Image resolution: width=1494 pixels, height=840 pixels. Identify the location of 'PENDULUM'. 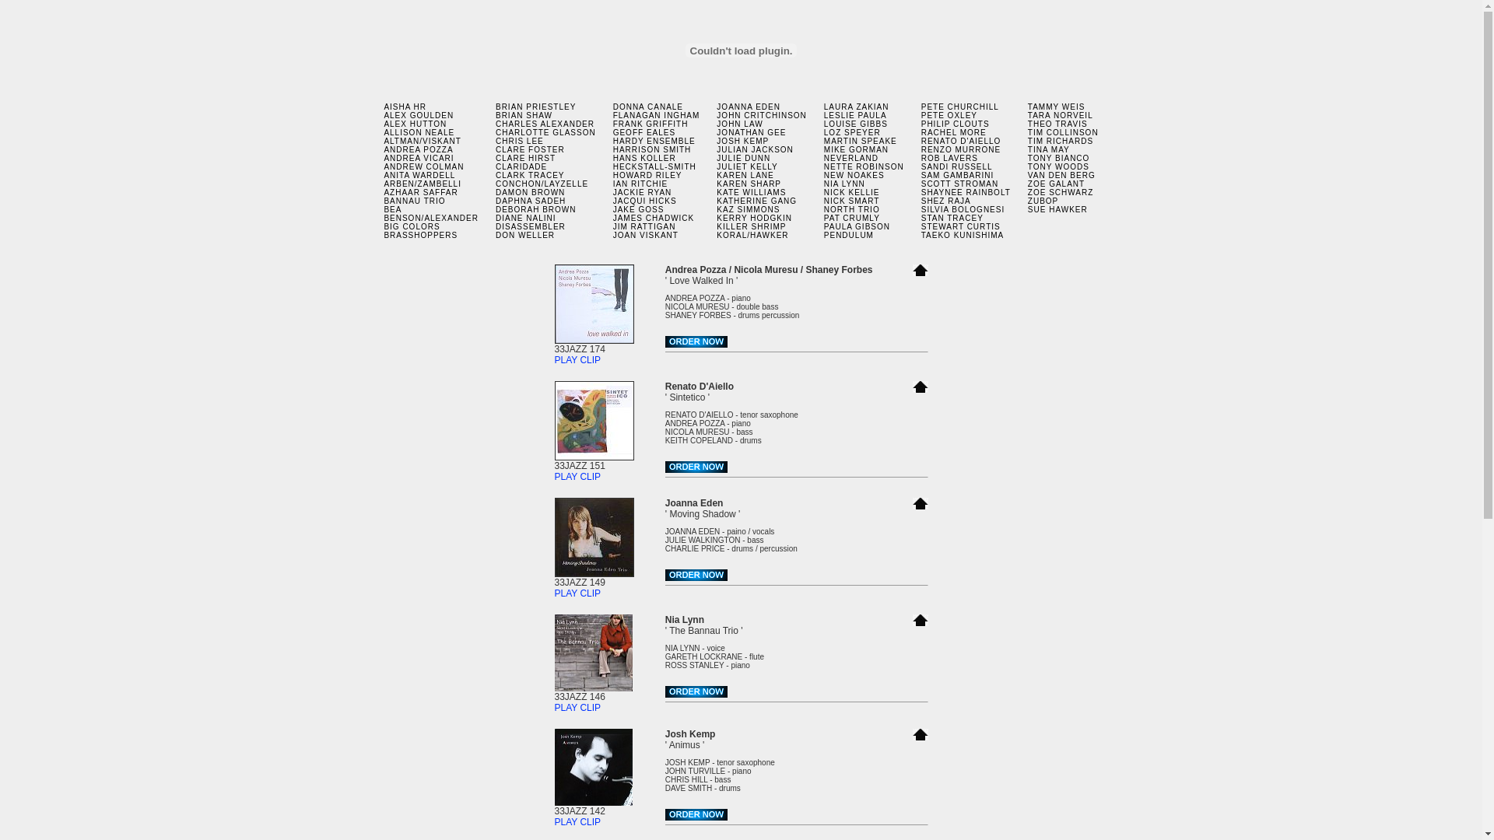
(847, 235).